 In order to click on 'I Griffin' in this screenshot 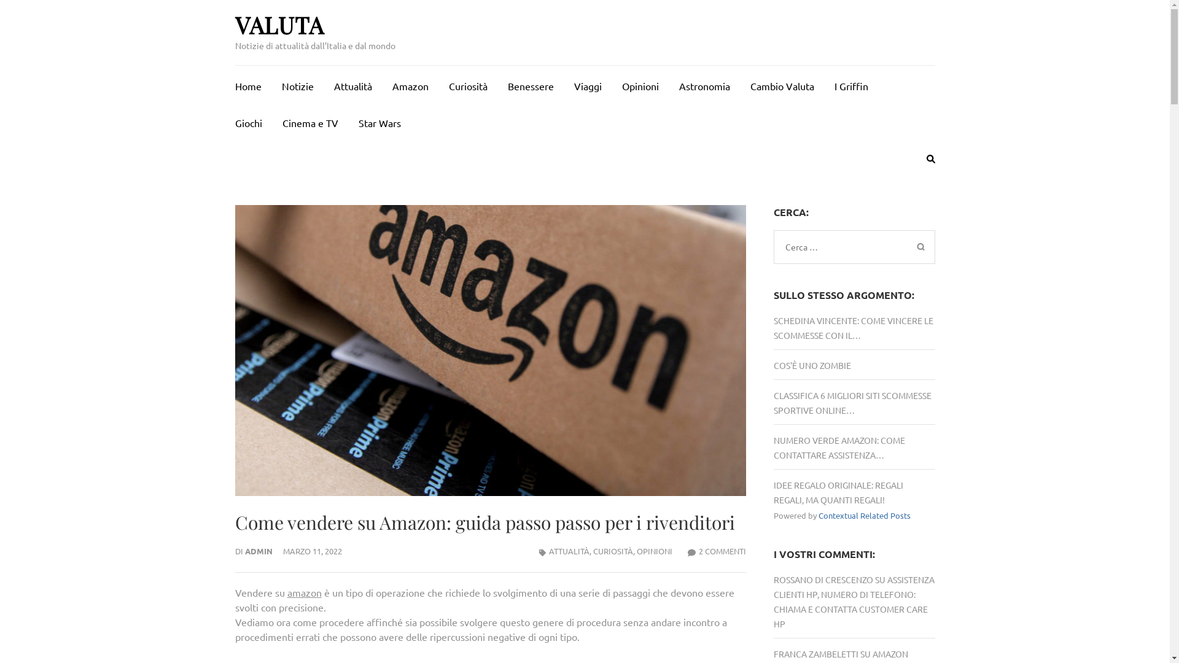, I will do `click(850, 83)`.